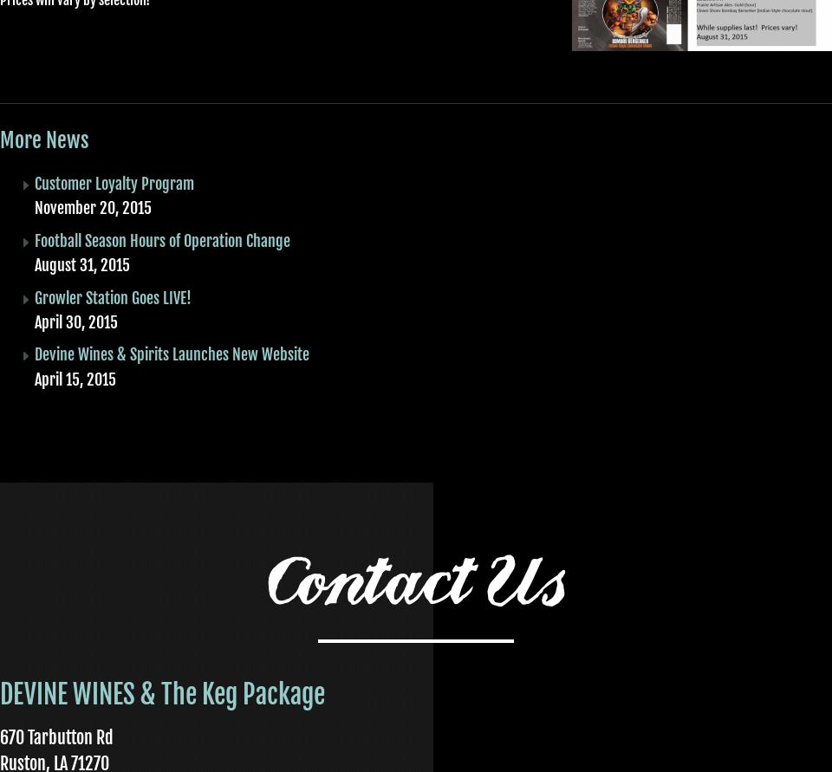 Image resolution: width=832 pixels, height=772 pixels. What do you see at coordinates (162, 239) in the screenshot?
I see `'Football Season Hours of Operation Change'` at bounding box center [162, 239].